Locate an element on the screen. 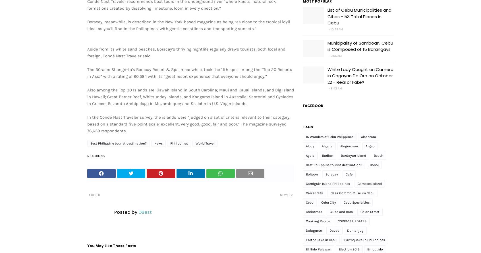 Image resolution: width=481 pixels, height=253 pixels. '8:43 AM' is located at coordinates (336, 88).